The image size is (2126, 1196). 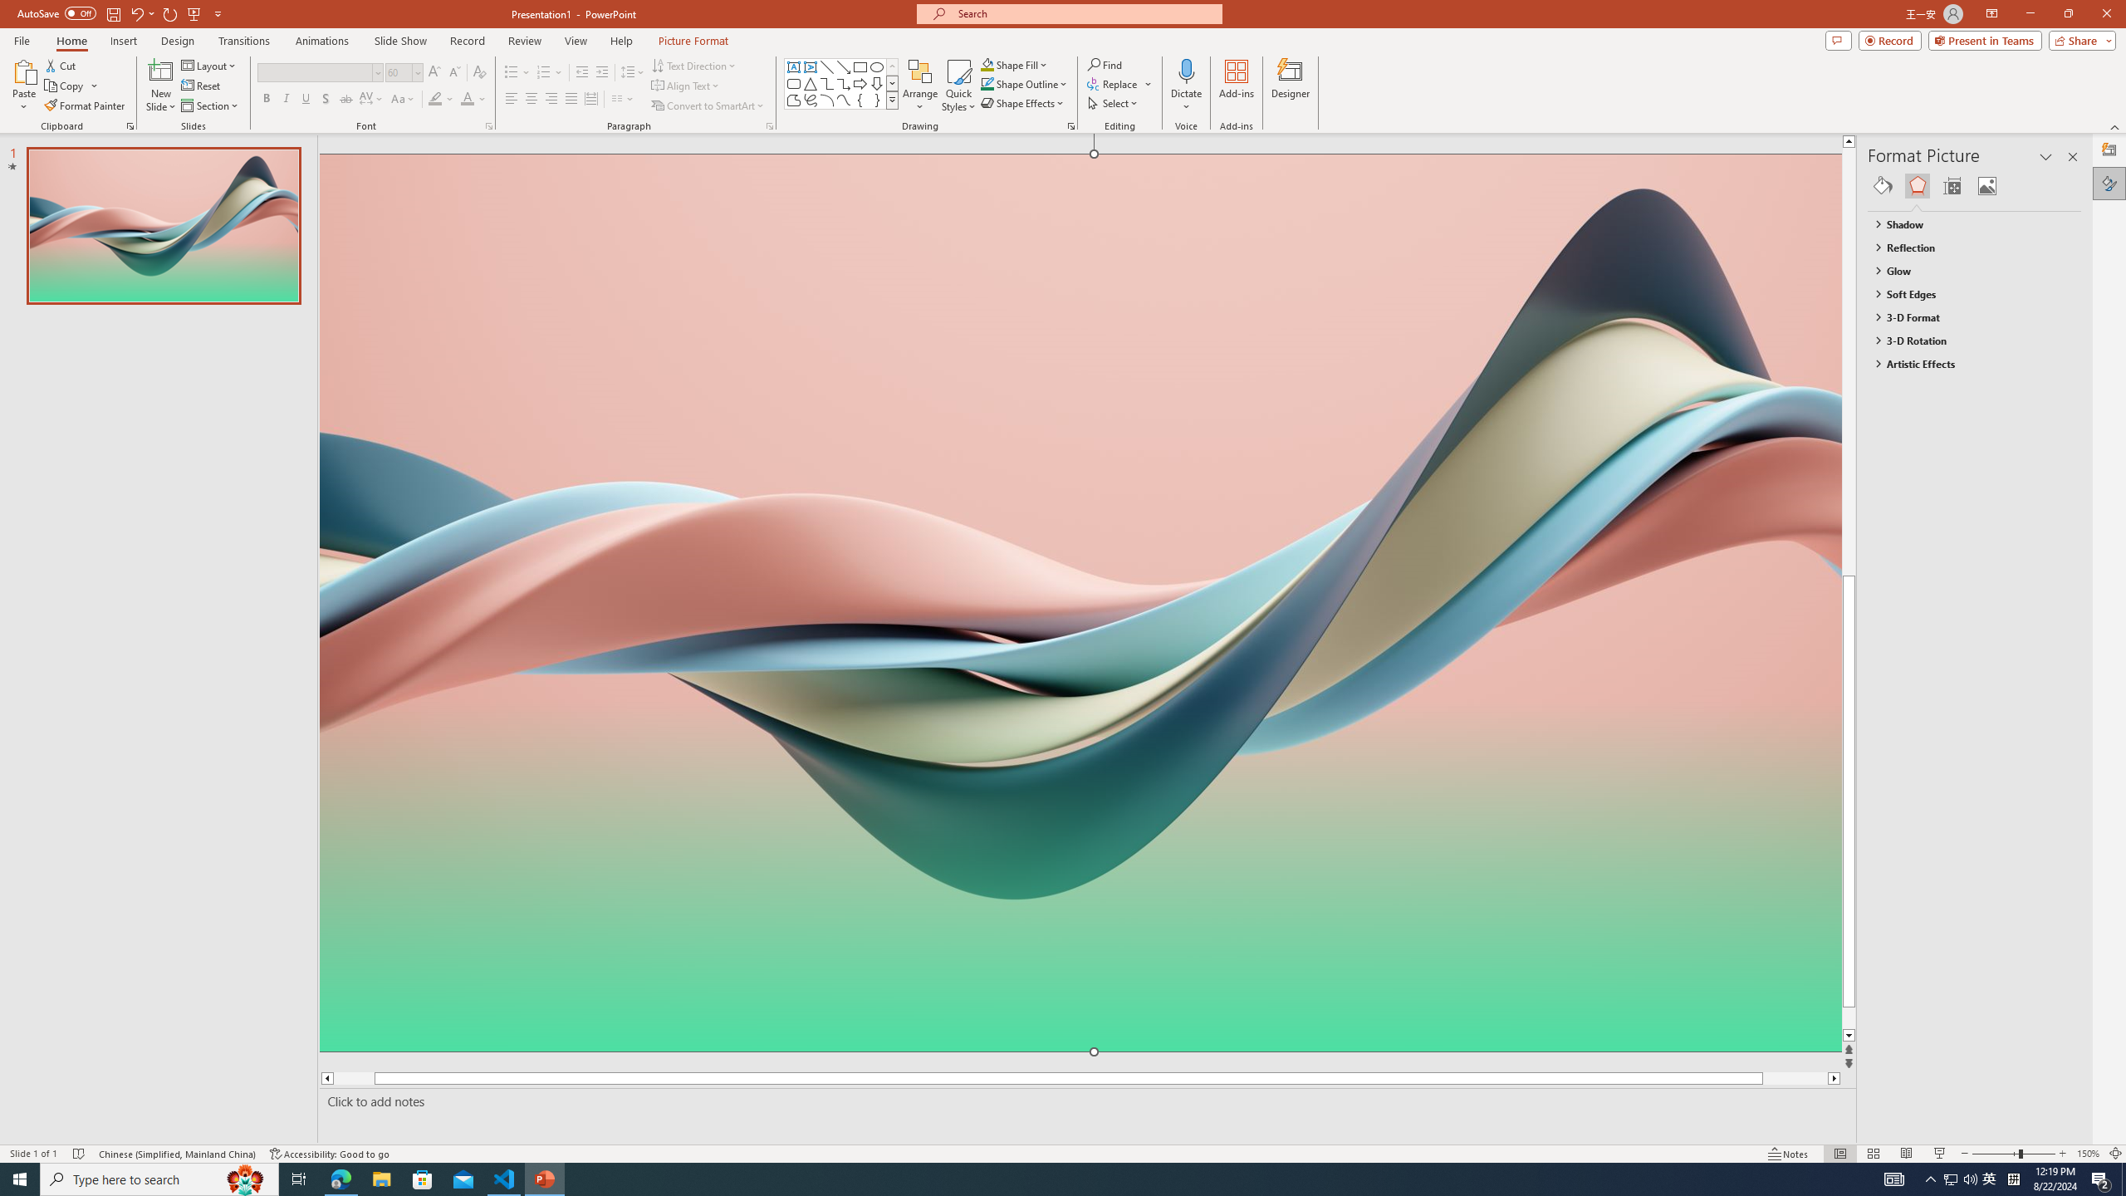 What do you see at coordinates (1967, 293) in the screenshot?
I see `'Soft Edges'` at bounding box center [1967, 293].